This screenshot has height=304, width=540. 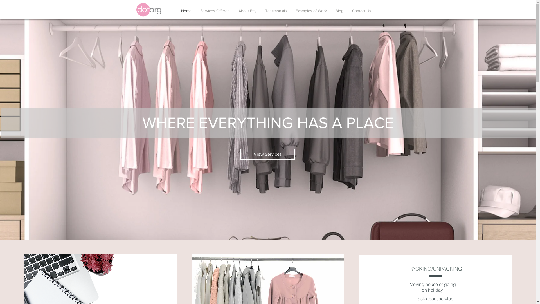 I want to click on 'Blog', so click(x=339, y=11).